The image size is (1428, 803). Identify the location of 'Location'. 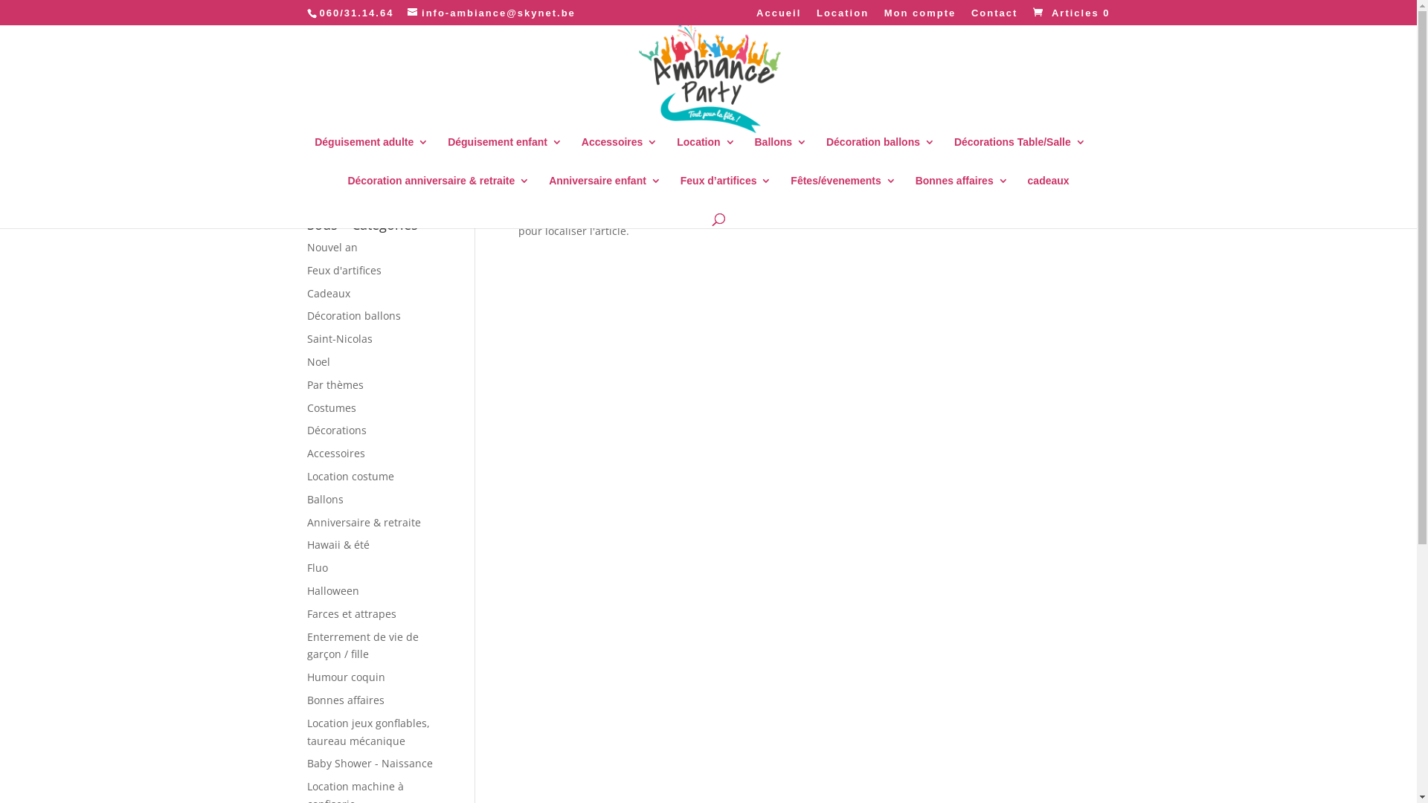
(842, 16).